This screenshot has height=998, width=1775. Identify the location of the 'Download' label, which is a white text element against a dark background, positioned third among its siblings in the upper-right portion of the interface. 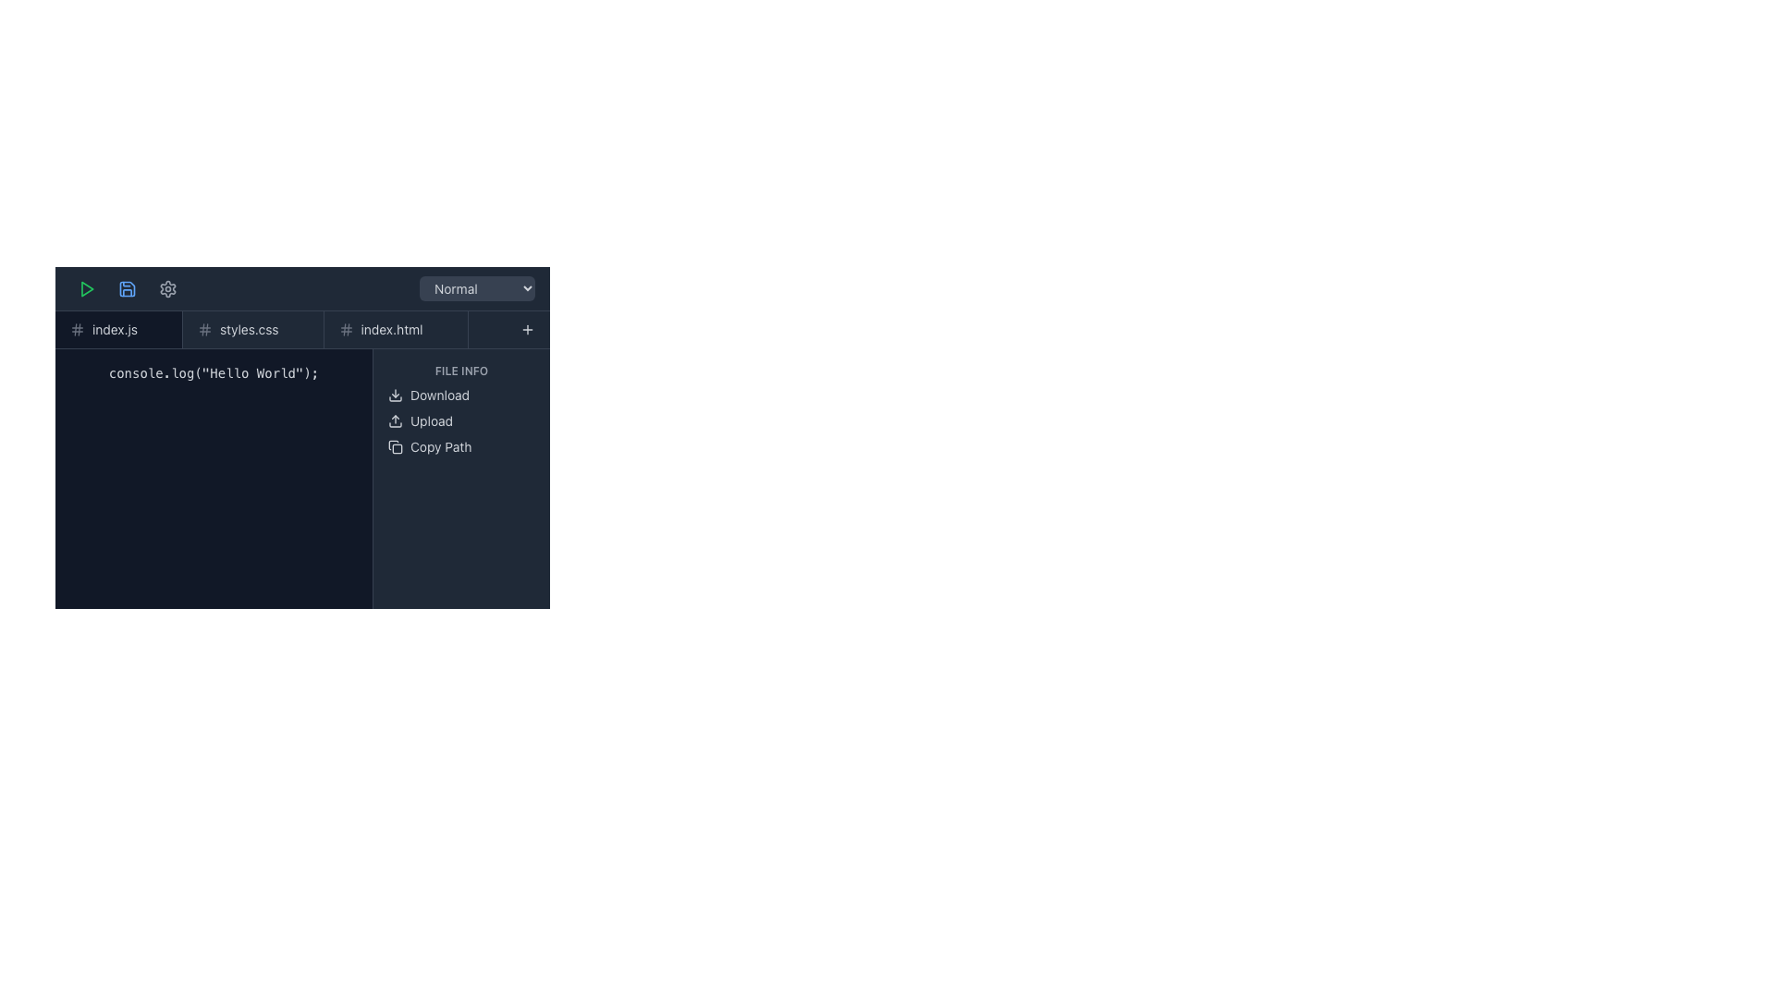
(438, 395).